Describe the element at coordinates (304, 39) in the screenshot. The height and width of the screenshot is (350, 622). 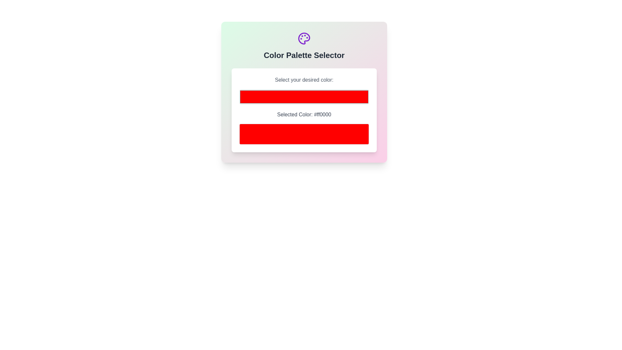
I see `the icon at the top of the component` at that location.